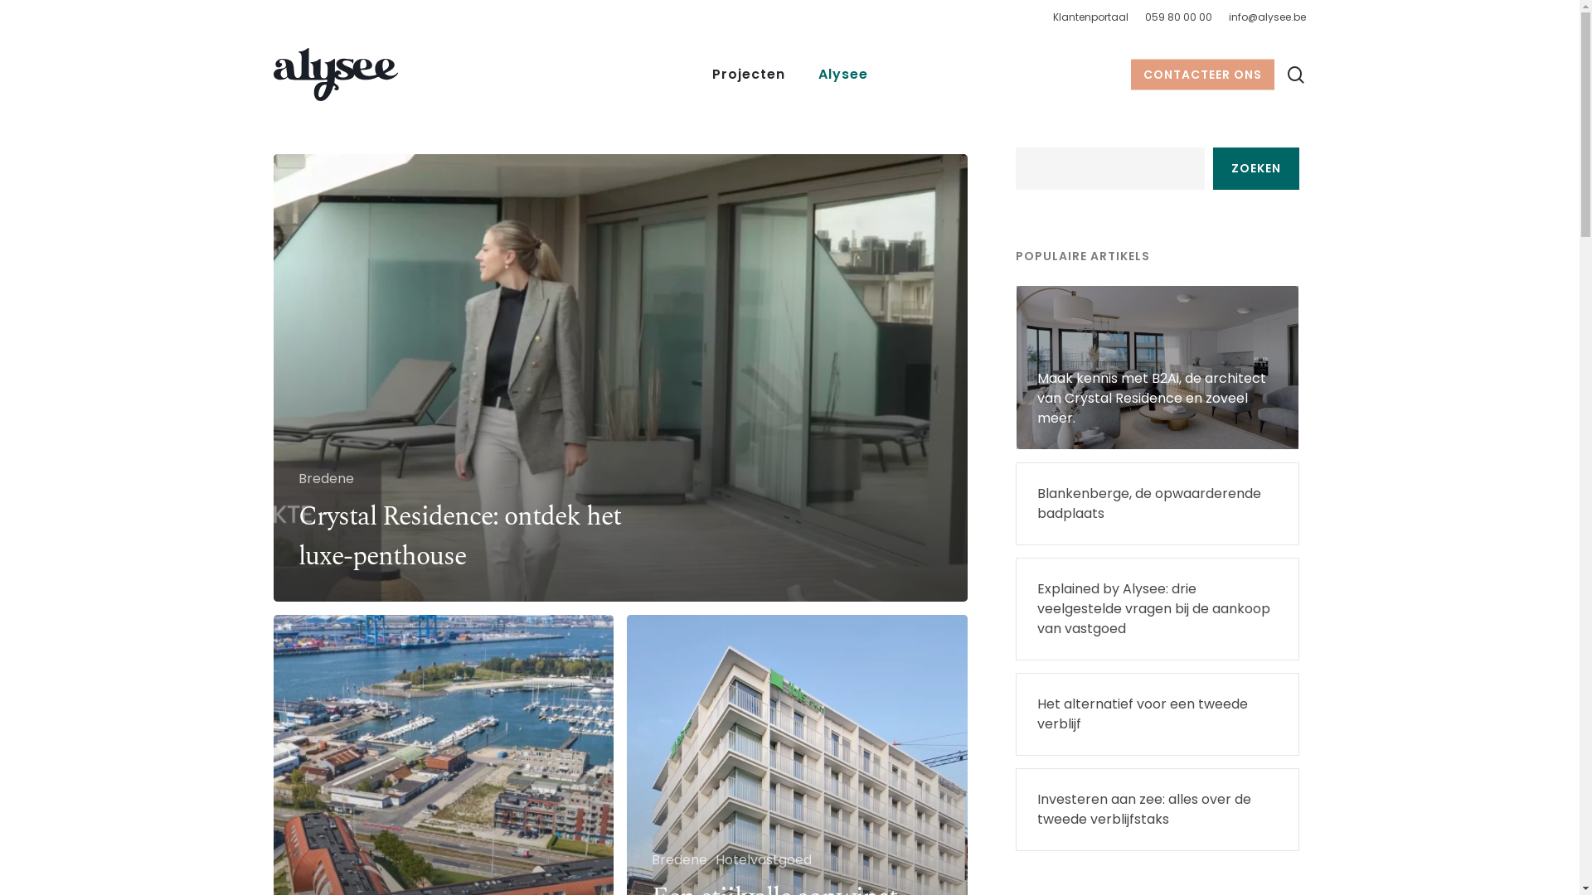 This screenshot has width=1592, height=895. Describe the element at coordinates (800, 73) in the screenshot. I see `'Alysee'` at that location.